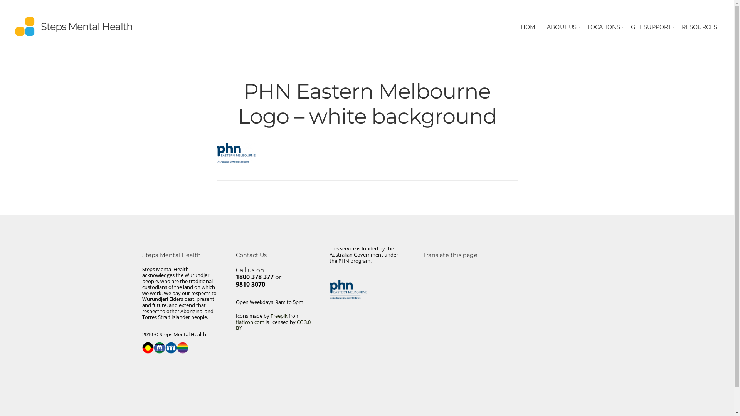 The height and width of the screenshot is (416, 740). What do you see at coordinates (279, 316) in the screenshot?
I see `'Freepik'` at bounding box center [279, 316].